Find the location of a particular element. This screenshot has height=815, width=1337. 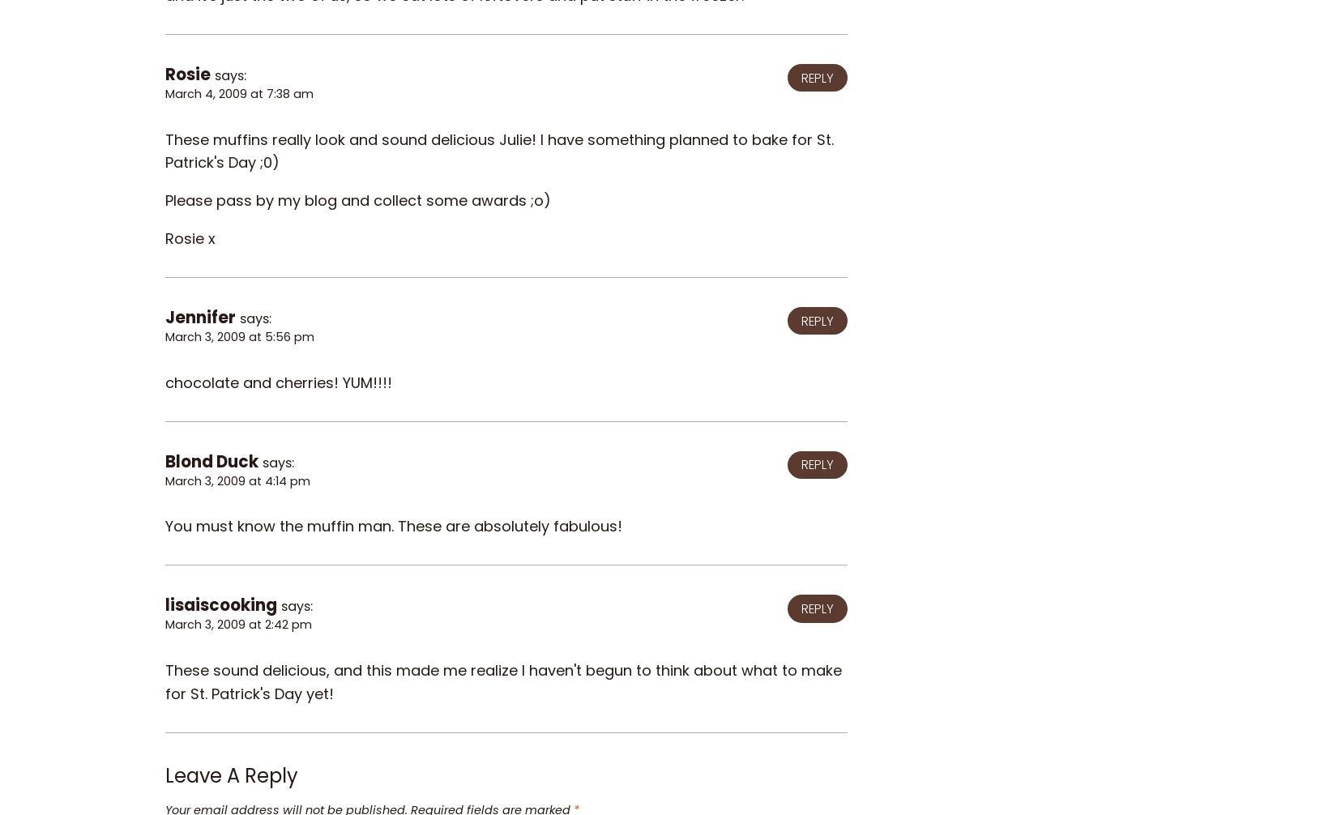

'Jennifer' is located at coordinates (200, 316).